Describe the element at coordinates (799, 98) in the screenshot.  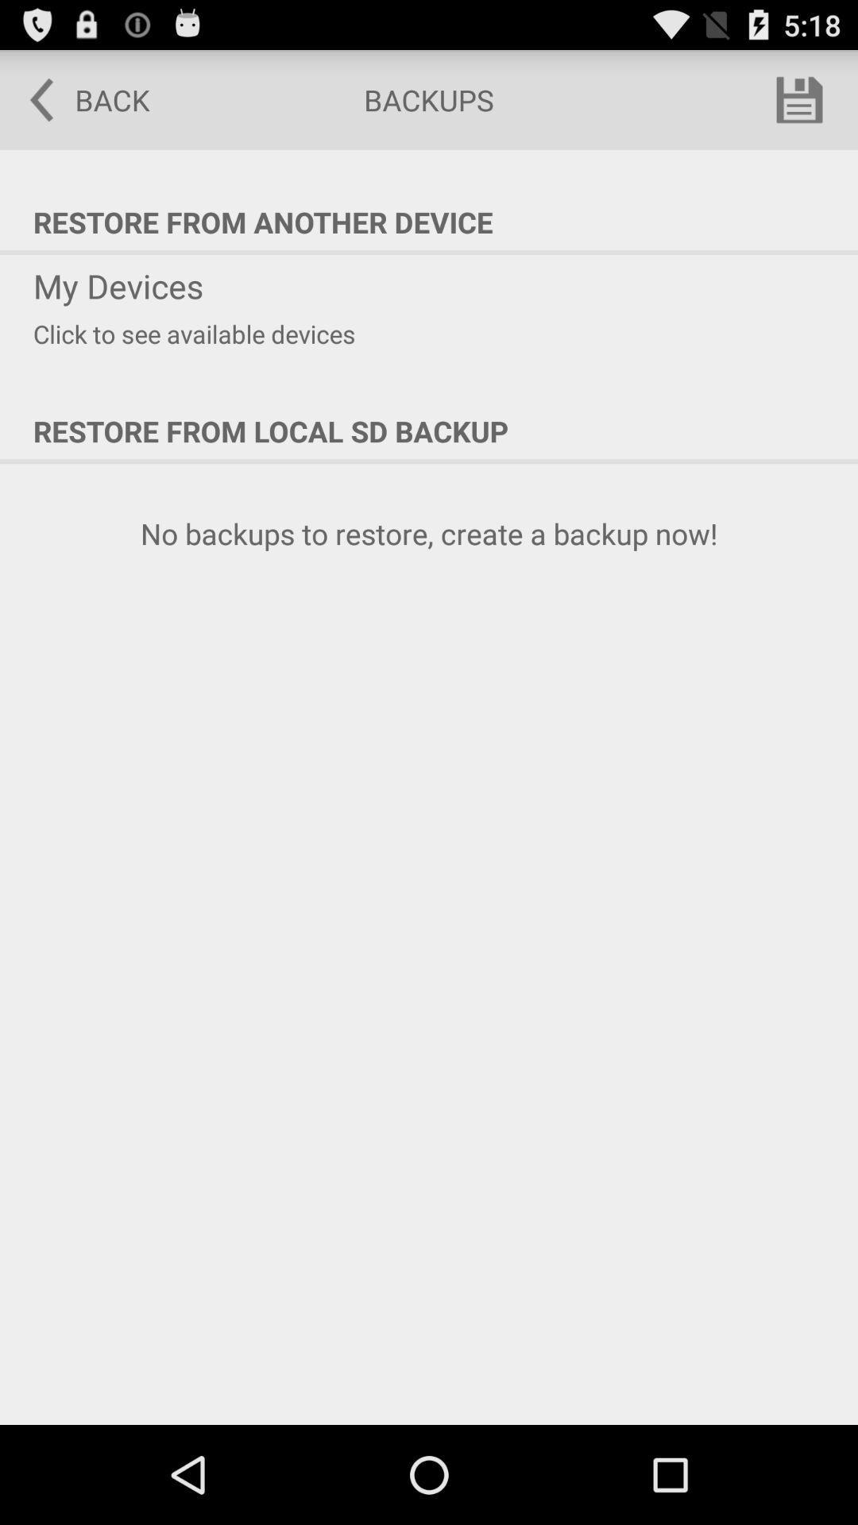
I see `item to the right of backups icon` at that location.